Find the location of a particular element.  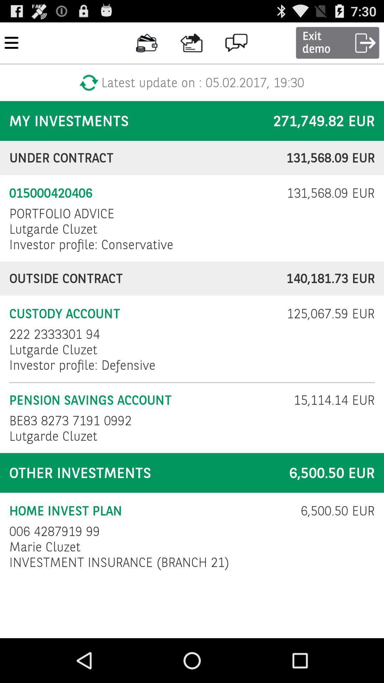

item below the outside contract is located at coordinates (326, 313).